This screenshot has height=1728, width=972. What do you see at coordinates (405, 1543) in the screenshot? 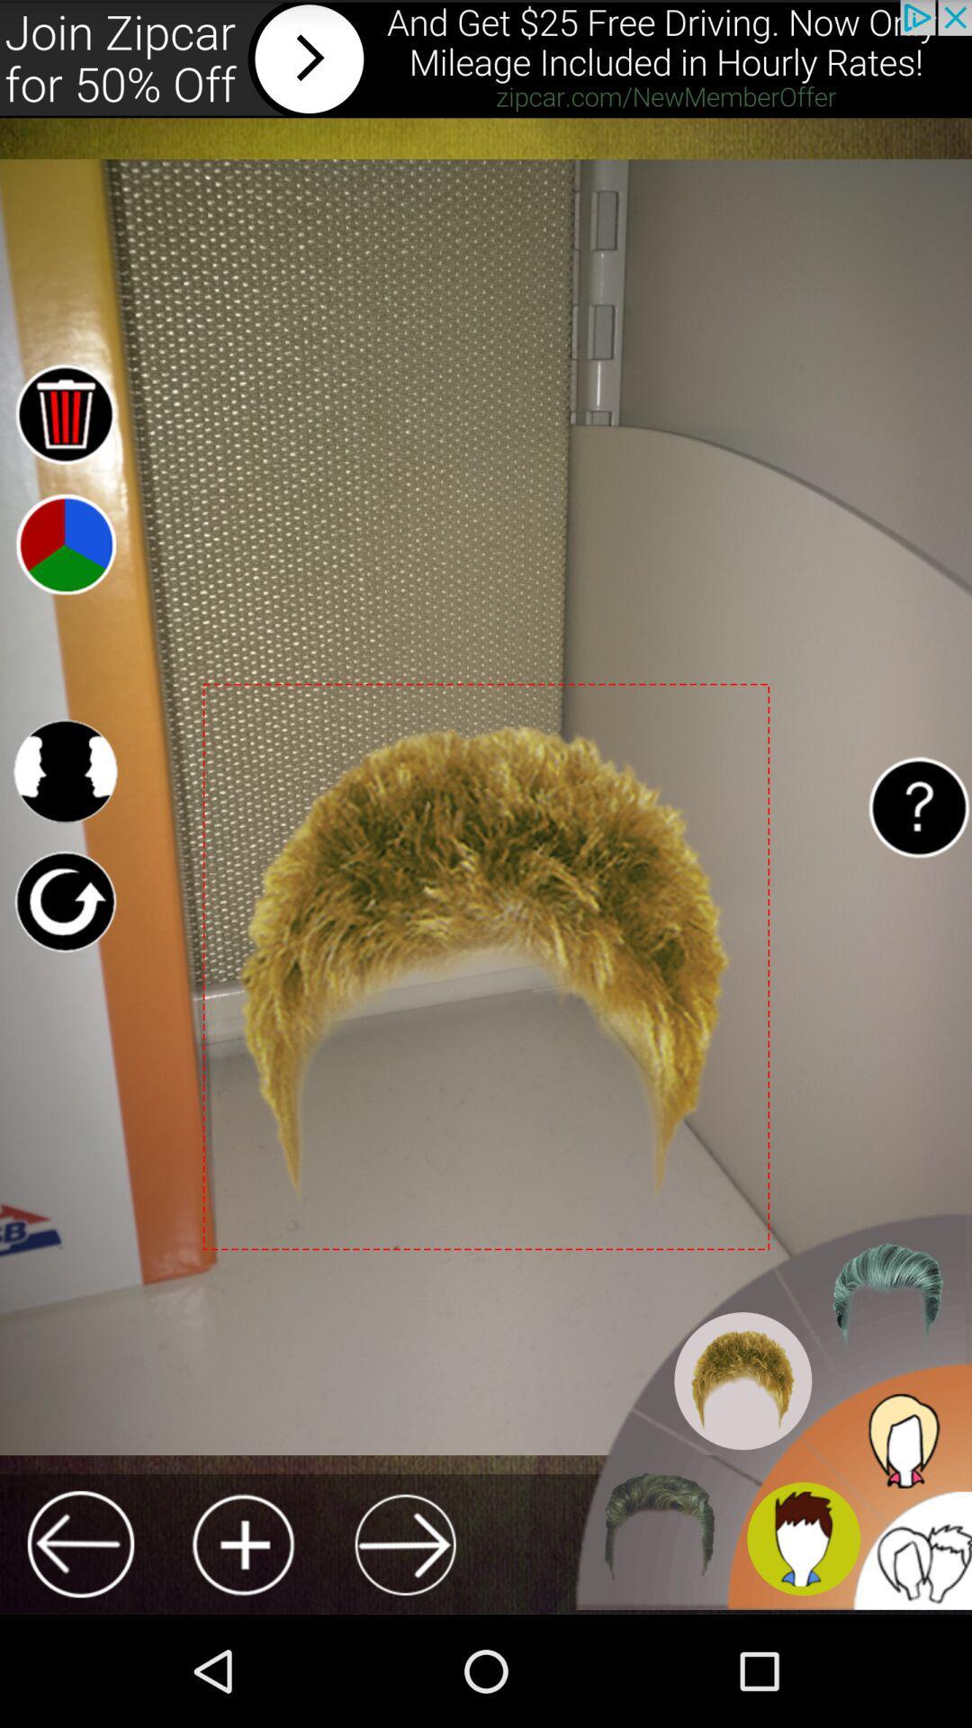
I see `next hair style` at bounding box center [405, 1543].